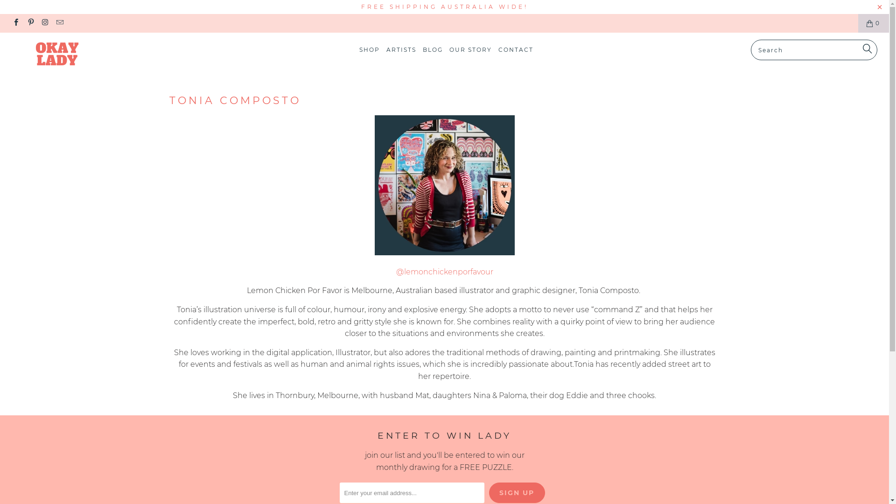  Describe the element at coordinates (44, 22) in the screenshot. I see `'Okay Lady on Instagram'` at that location.